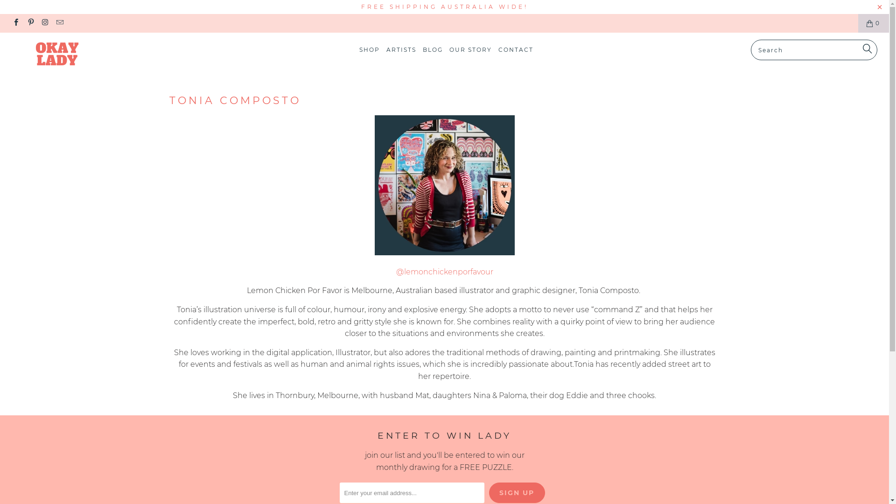  Describe the element at coordinates (44, 22) in the screenshot. I see `'Okay Lady on Instagram'` at that location.